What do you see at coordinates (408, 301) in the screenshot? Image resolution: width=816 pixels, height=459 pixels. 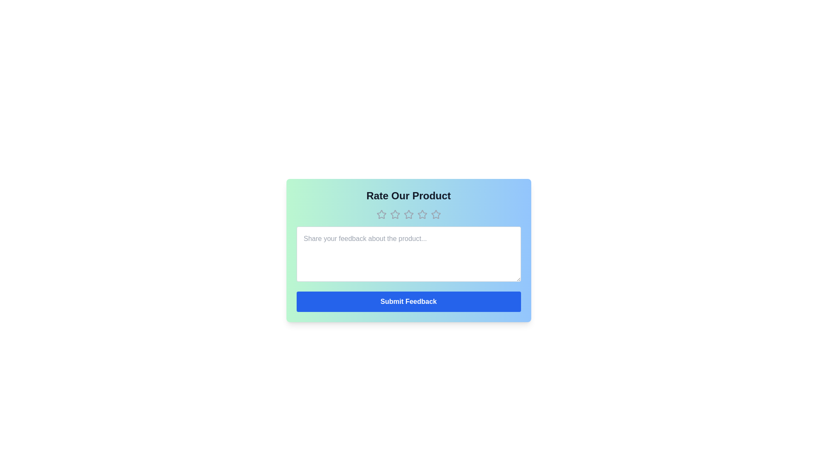 I see `'Submit Feedback' button` at bounding box center [408, 301].